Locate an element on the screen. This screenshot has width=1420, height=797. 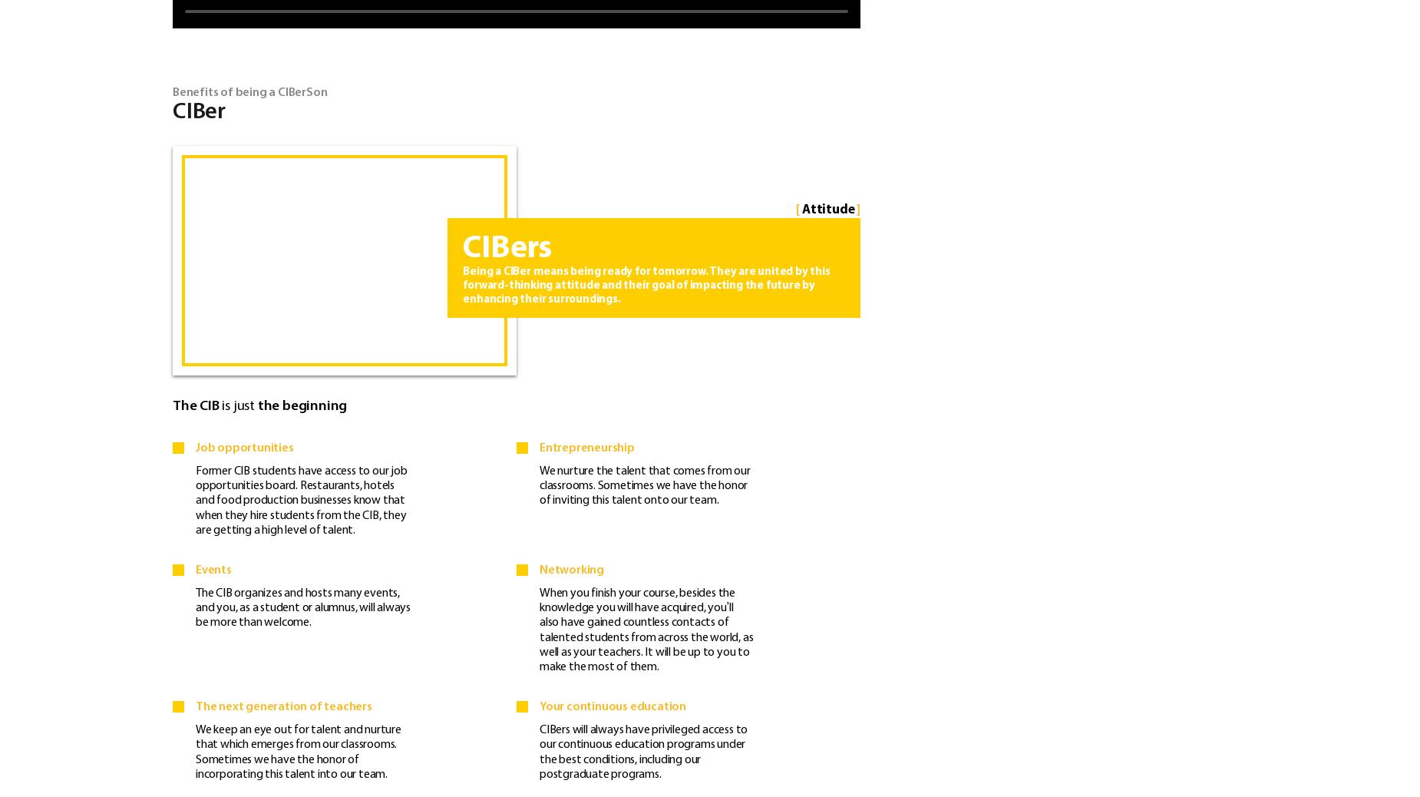
'Entrepreneurship' is located at coordinates (586, 447).